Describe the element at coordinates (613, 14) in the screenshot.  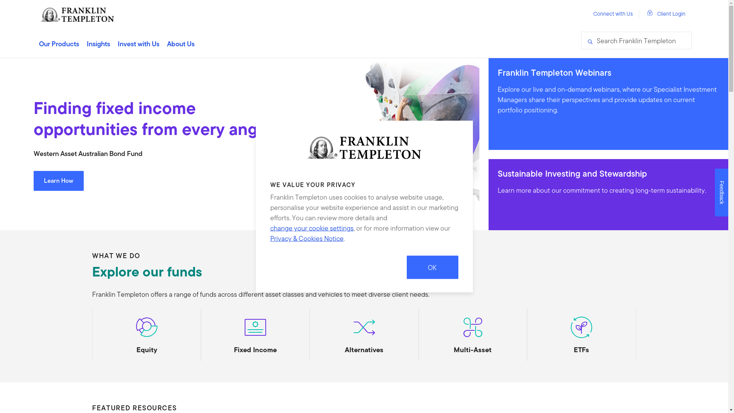
I see `'Connect with Us'` at that location.